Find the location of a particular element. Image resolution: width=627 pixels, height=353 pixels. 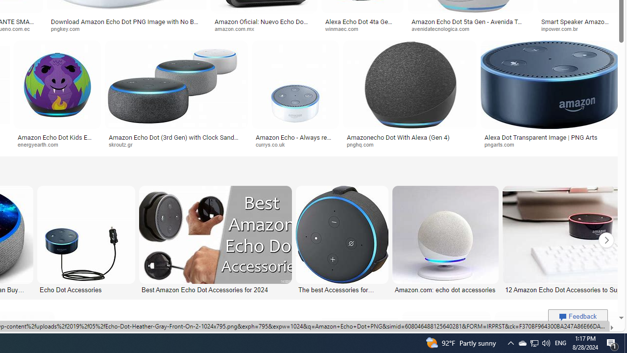

'Image result for Amazon Echo Dot PNG' is located at coordinates (550, 84).